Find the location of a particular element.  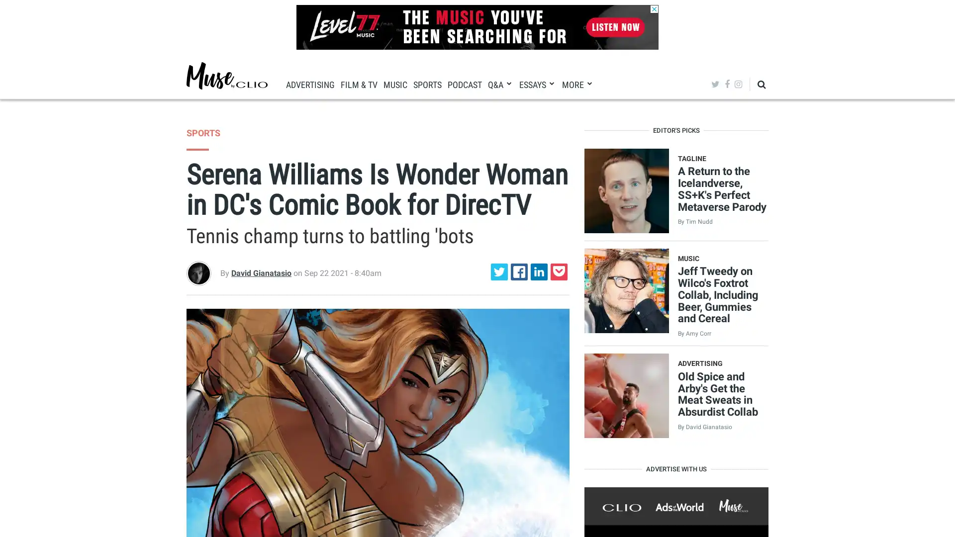

Go is located at coordinates (737, 114).